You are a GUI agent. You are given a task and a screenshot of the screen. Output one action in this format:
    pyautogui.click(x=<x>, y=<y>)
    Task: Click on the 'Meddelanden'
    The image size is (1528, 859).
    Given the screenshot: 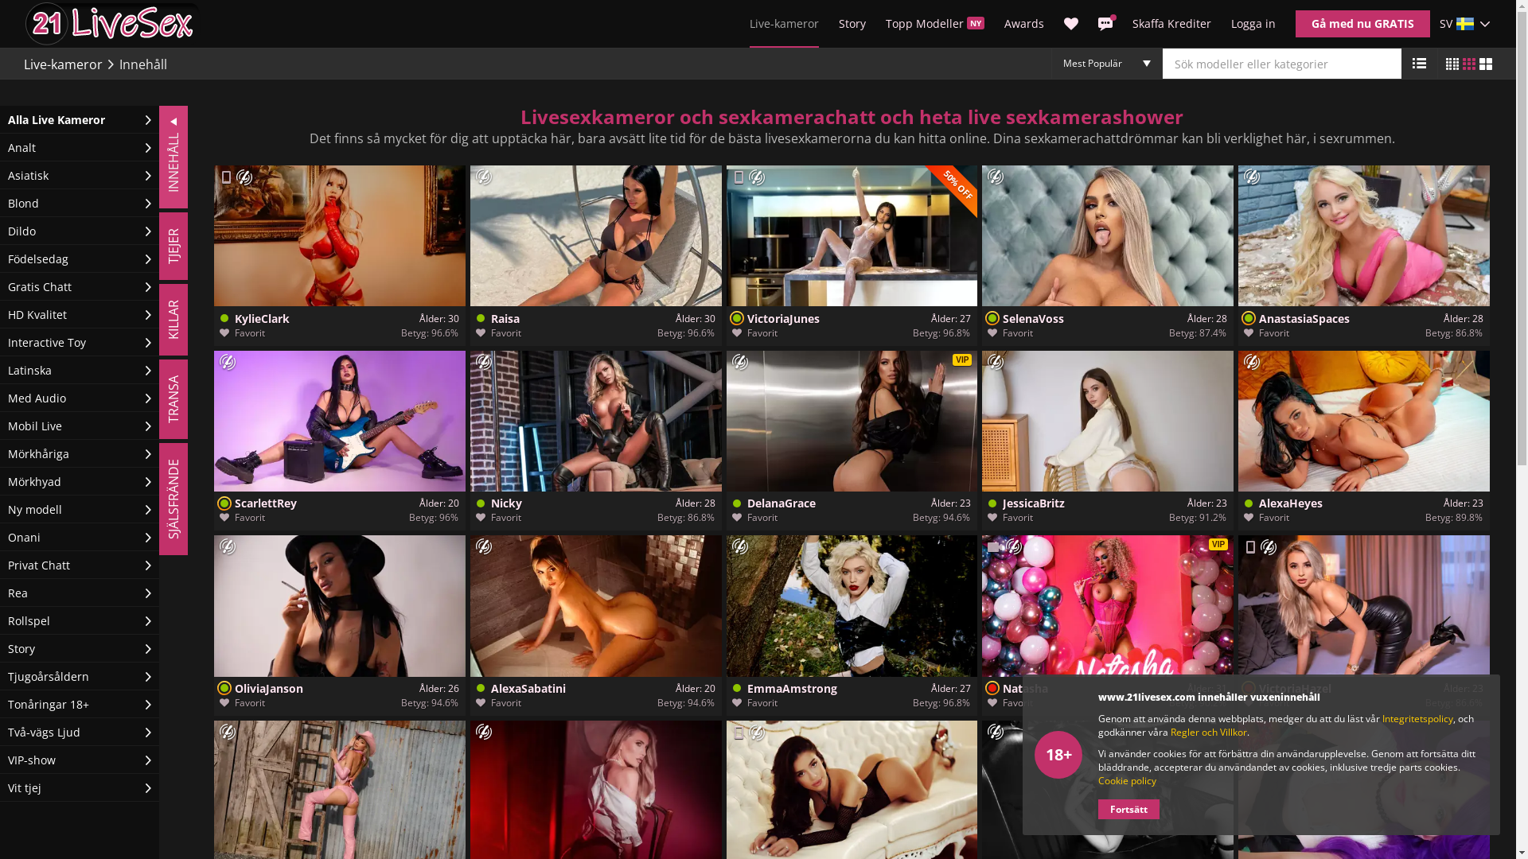 What is the action you would take?
    pyautogui.click(x=1097, y=24)
    